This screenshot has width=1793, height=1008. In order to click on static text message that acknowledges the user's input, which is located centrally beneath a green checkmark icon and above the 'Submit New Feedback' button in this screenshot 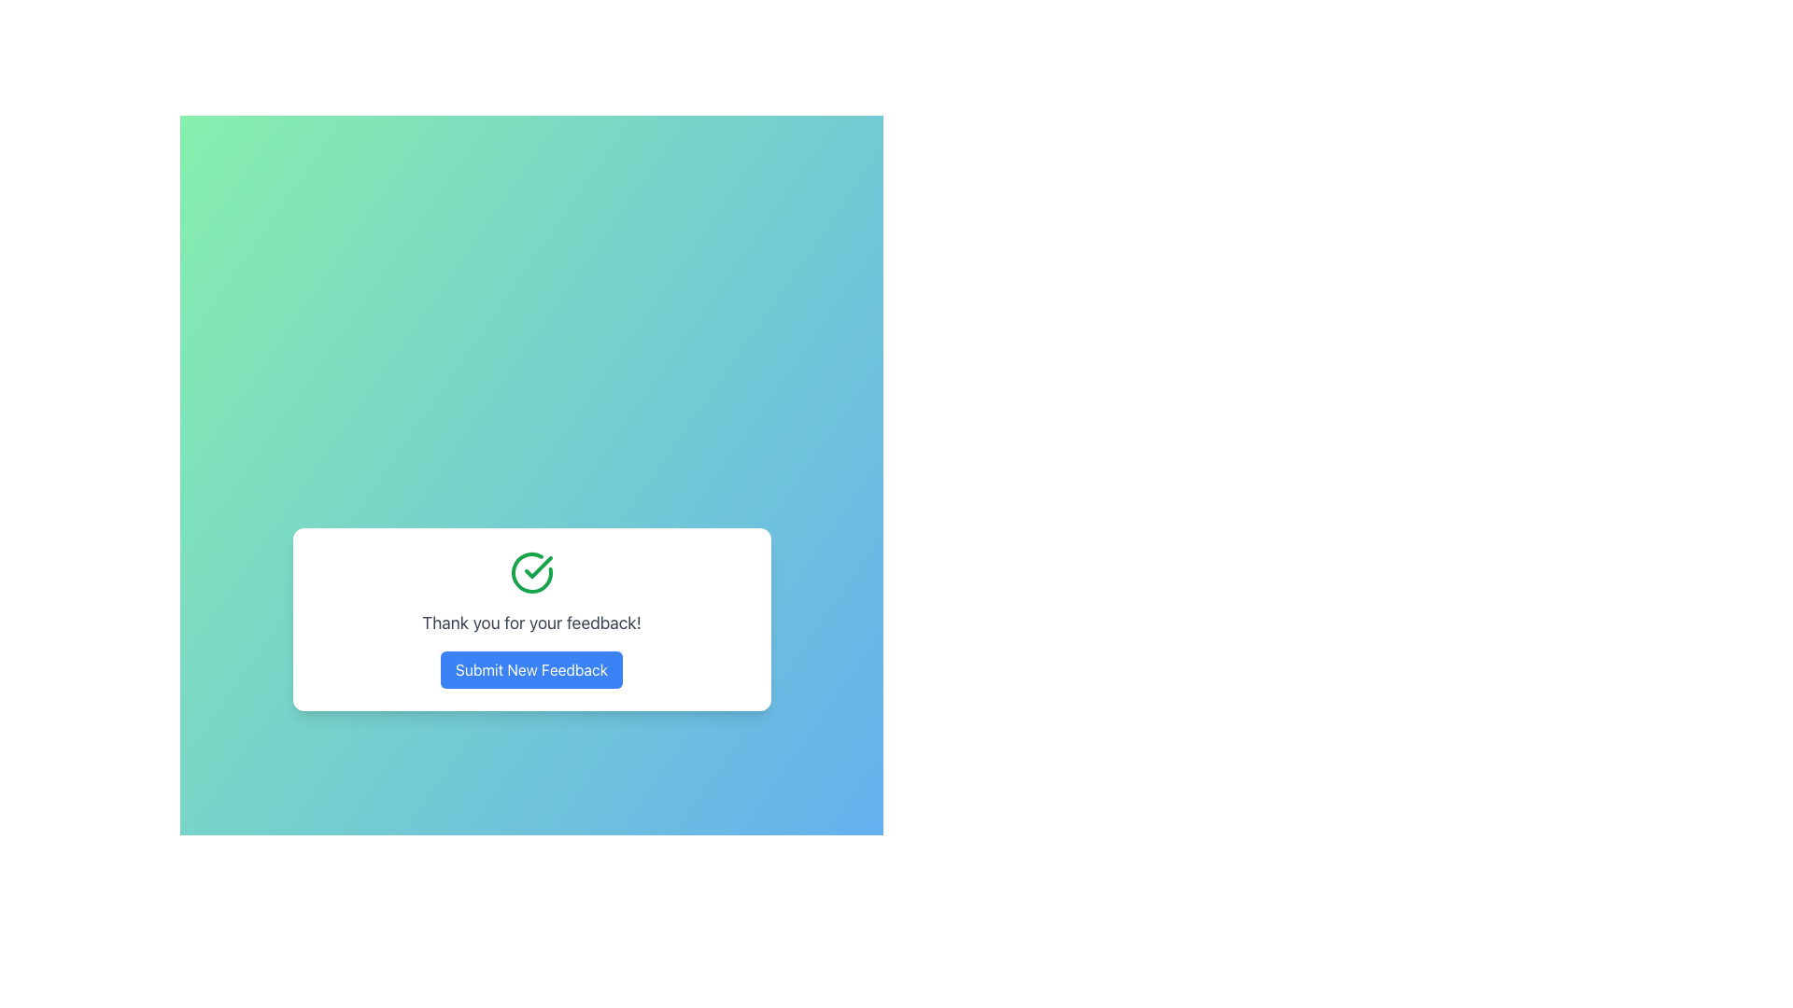, I will do `click(530, 623)`.